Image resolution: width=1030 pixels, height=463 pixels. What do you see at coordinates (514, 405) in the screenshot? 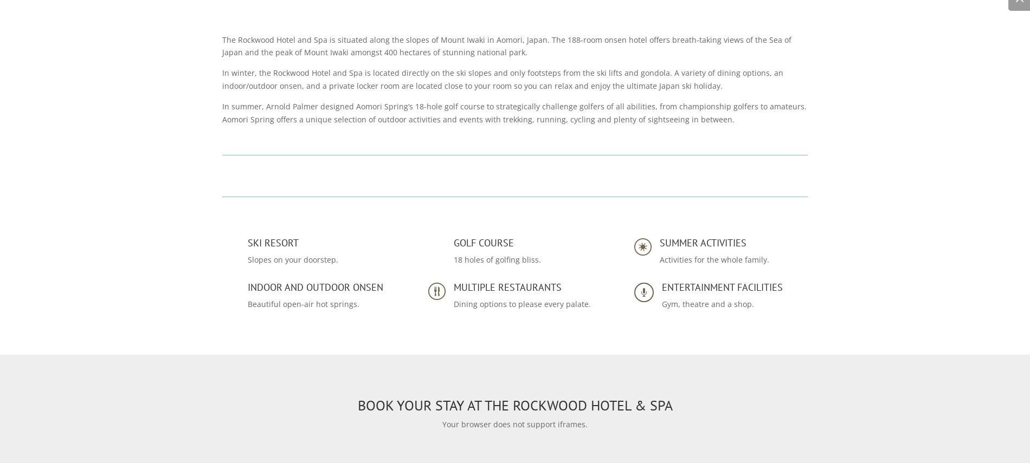
I see `'BOOK YOUR STAY AT THE ROCKWOOD HOTEL & SPA'` at bounding box center [514, 405].